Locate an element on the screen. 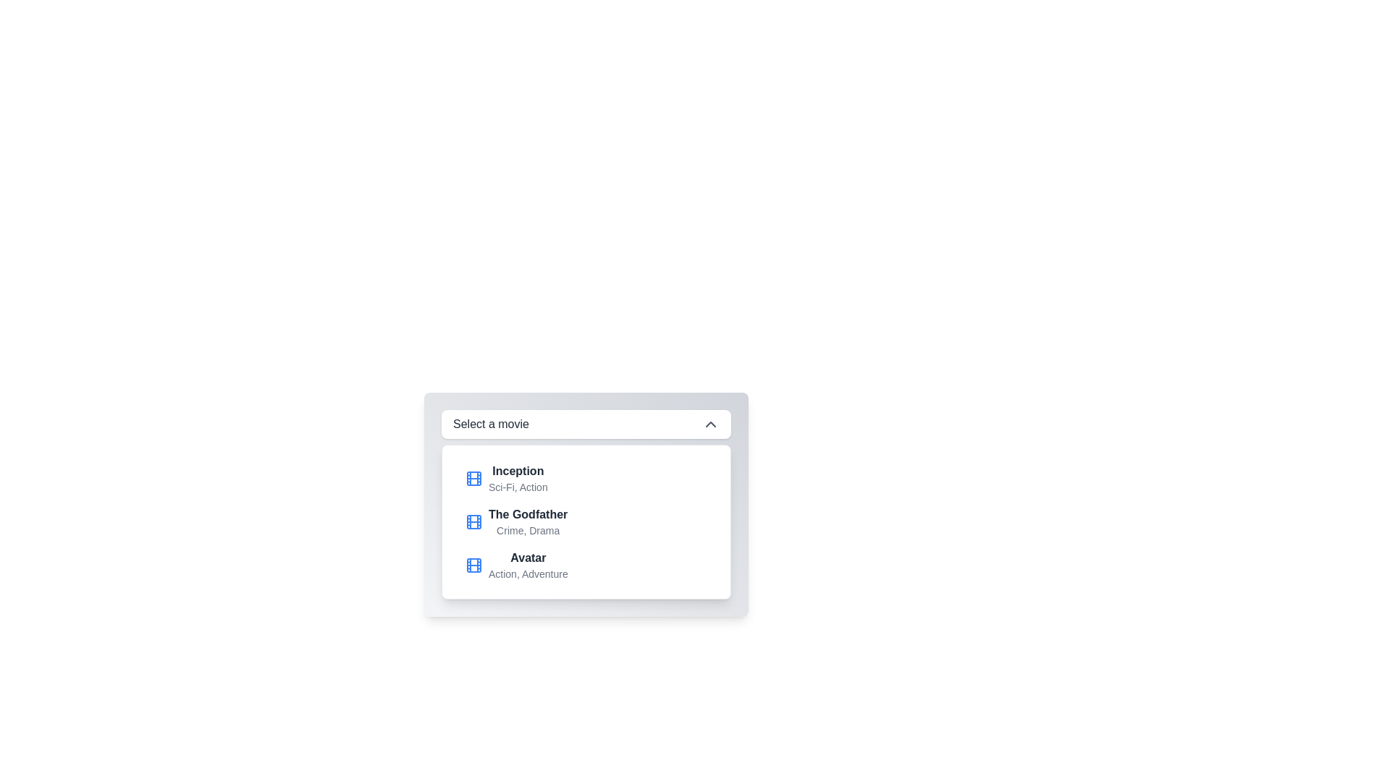 This screenshot has width=1390, height=781. text label that displays the genre classification for the movie 'Avatar', which is positioned directly beneath the title 'Avatar' in the dropdown list is located at coordinates (527, 573).